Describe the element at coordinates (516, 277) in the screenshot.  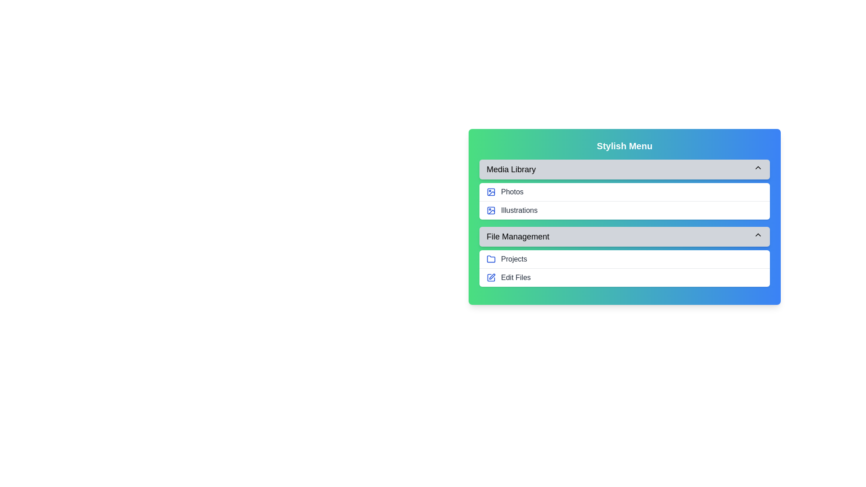
I see `the Text Label indicating an interactive item related to editing file-related actions in the bottom row of the 'File Management' section` at that location.